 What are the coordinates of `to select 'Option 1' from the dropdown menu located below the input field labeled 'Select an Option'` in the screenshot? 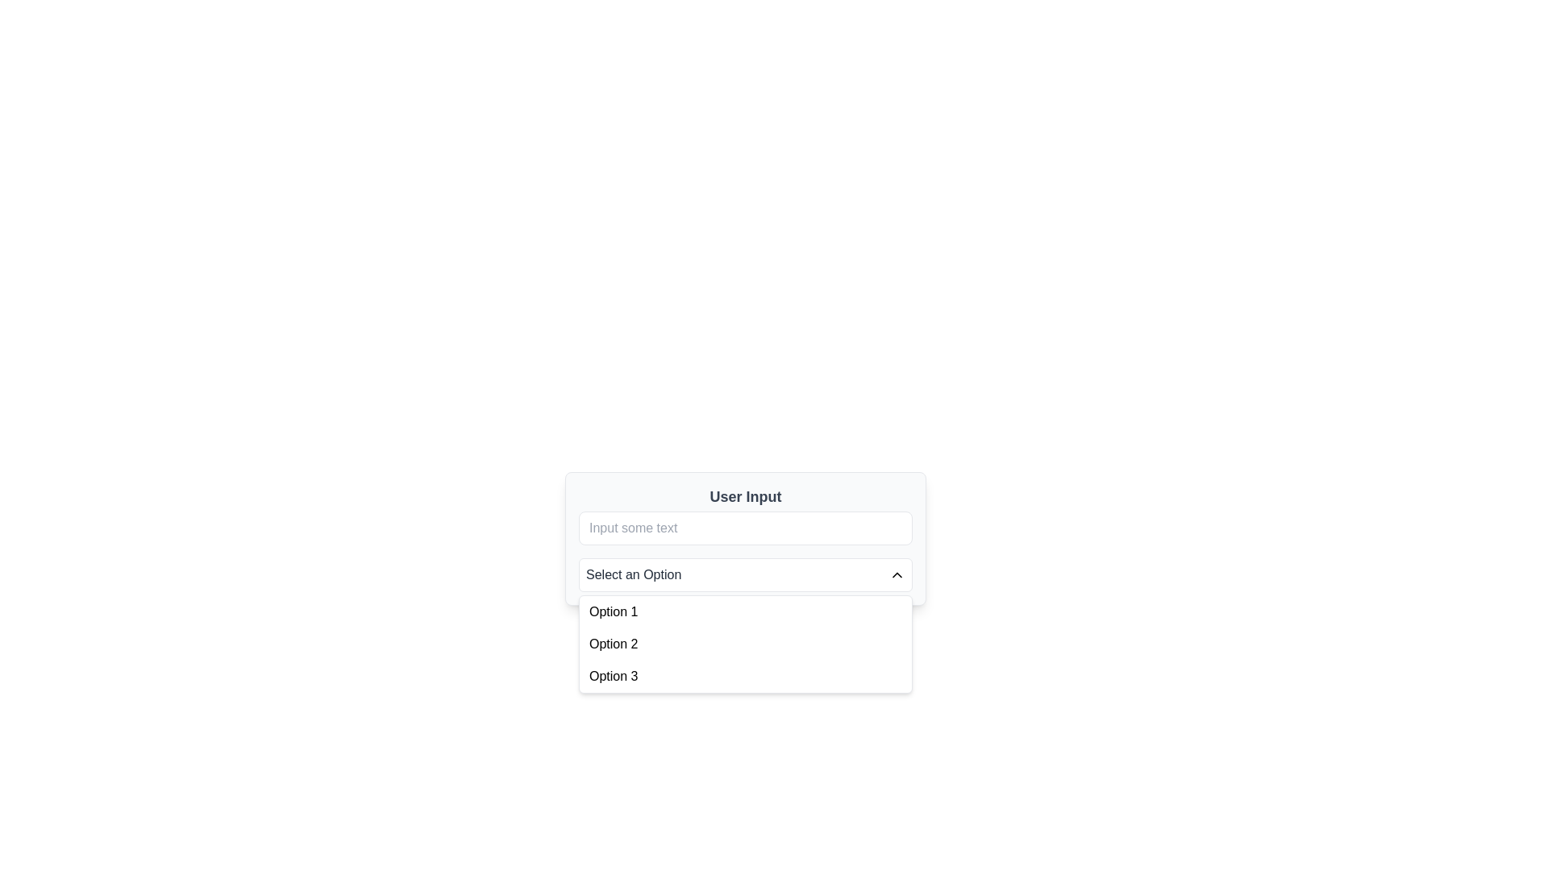 It's located at (745, 611).